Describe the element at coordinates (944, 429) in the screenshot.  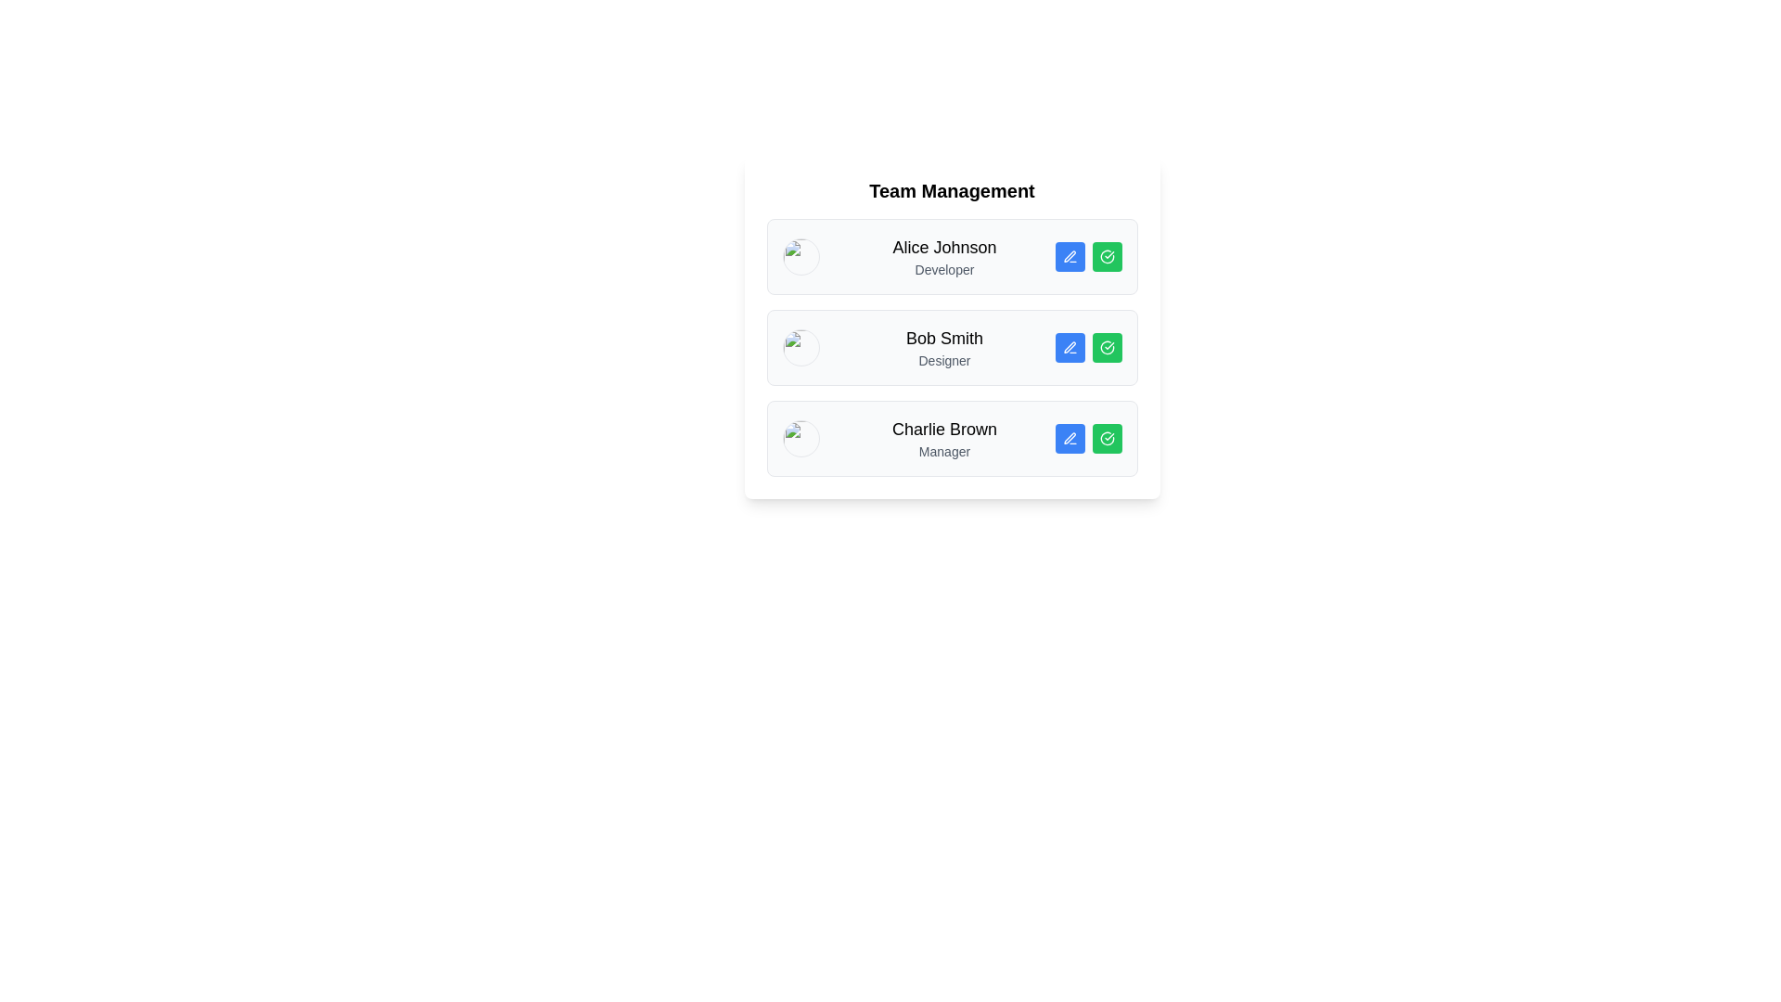
I see `the text label displaying 'Charlie Brown' which indicates a role or status above the text 'Manager' for potential interaction` at that location.